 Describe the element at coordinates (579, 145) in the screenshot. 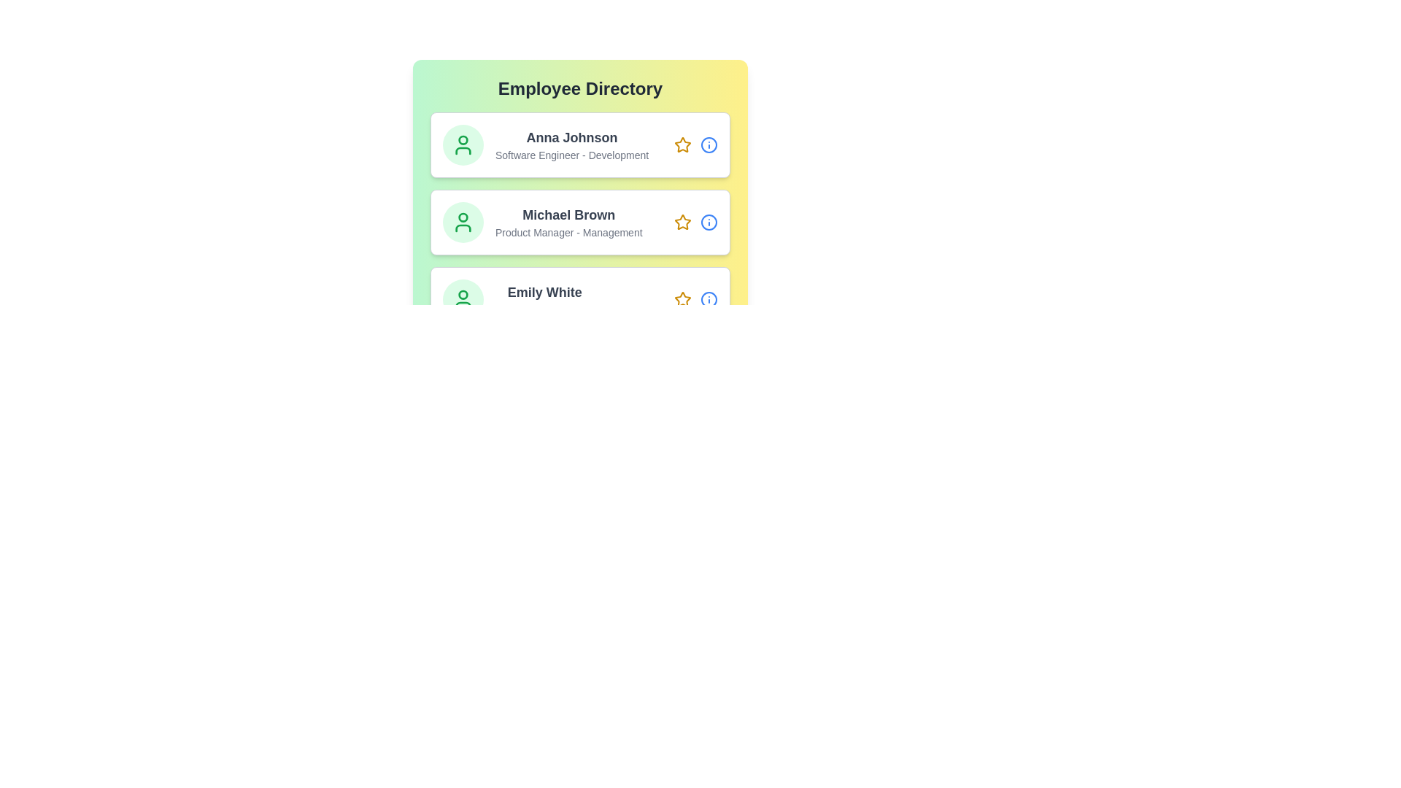

I see `the card of the employee with name Anna Johnson` at that location.